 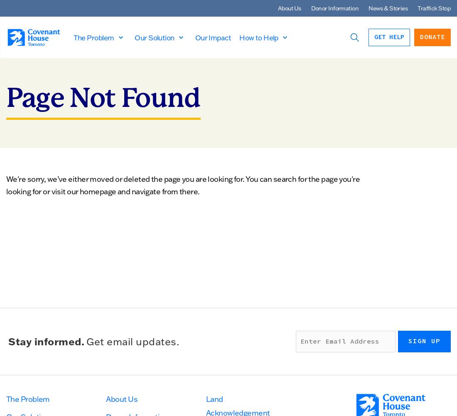 What do you see at coordinates (44, 159) in the screenshot?
I see `'Next Gen Council'` at bounding box center [44, 159].